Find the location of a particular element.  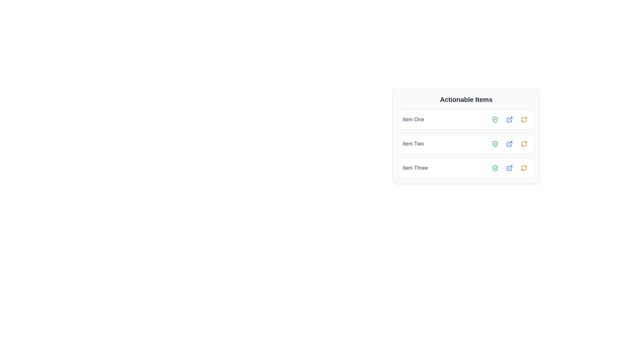

the button-like interactive icon located in the second row of the 'Actionable Items' list, to the right of 'Item Two' is located at coordinates (509, 144).